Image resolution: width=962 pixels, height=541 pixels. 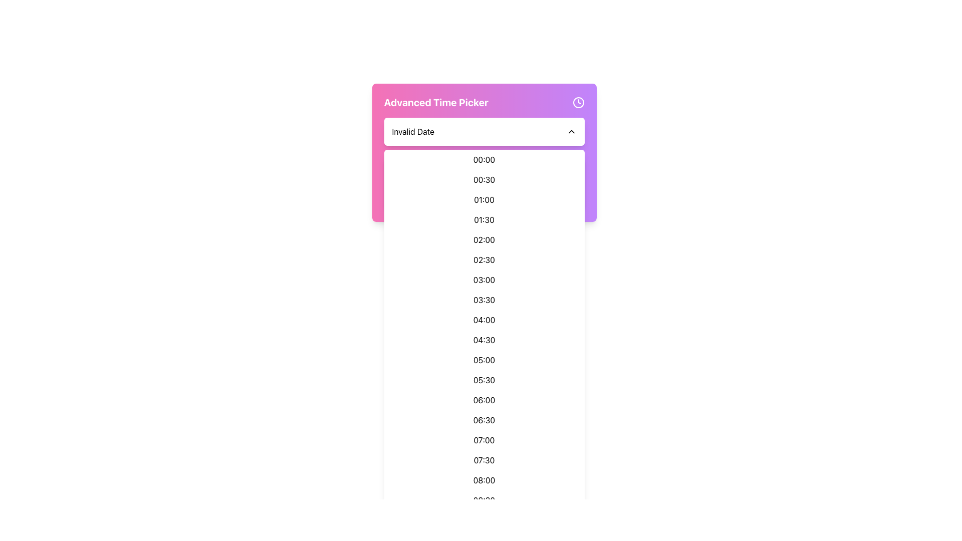 I want to click on the selectable list item displaying '06:30', so click(x=484, y=420).